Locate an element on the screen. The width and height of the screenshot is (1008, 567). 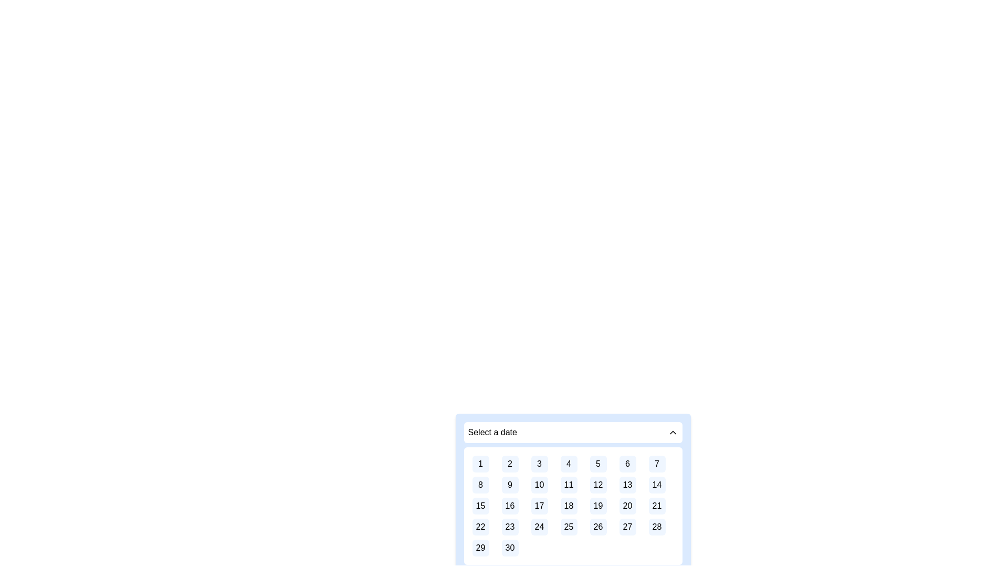
the button with the number '29', which is a square button with a light blue background and rounded corners is located at coordinates (480, 548).